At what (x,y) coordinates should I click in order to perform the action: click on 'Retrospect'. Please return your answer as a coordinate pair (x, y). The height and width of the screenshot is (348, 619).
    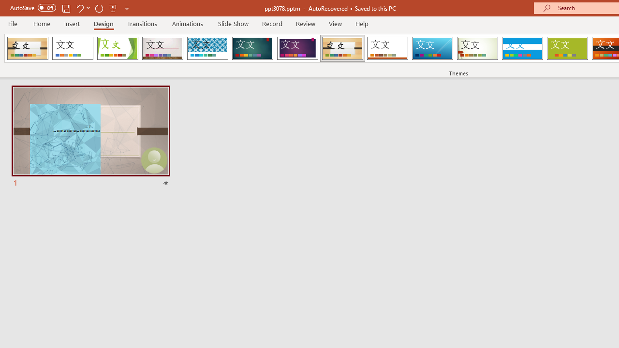
    Looking at the image, I should click on (387, 48).